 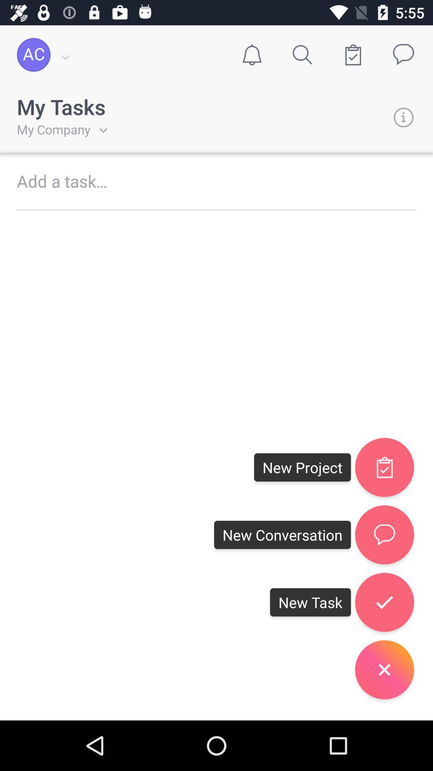 What do you see at coordinates (403, 55) in the screenshot?
I see `message icon on top right` at bounding box center [403, 55].